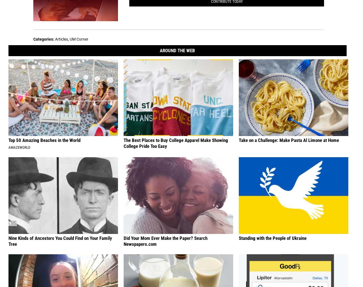  Describe the element at coordinates (44, 139) in the screenshot. I see `'Top 50 Amazing Beaches in the World'` at that location.